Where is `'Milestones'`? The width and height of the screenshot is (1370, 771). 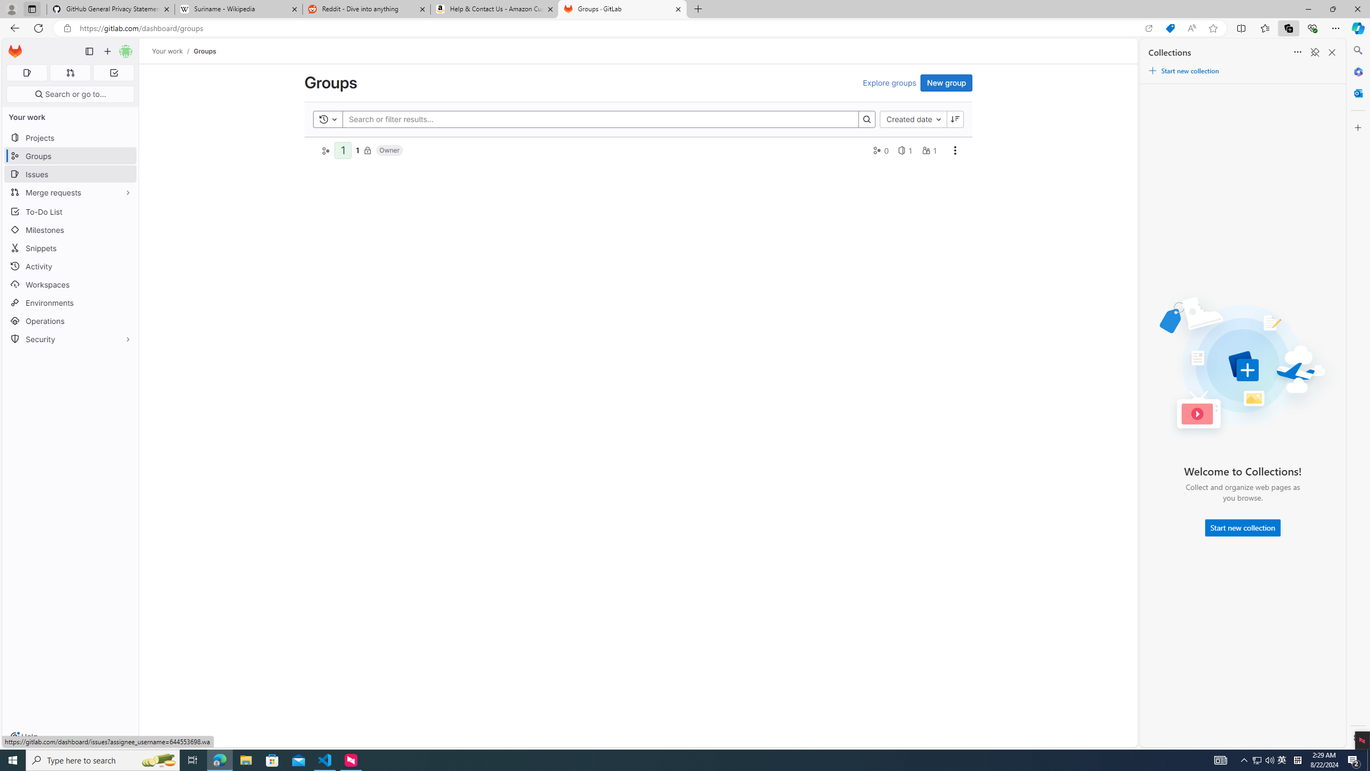
'Milestones' is located at coordinates (70, 229).